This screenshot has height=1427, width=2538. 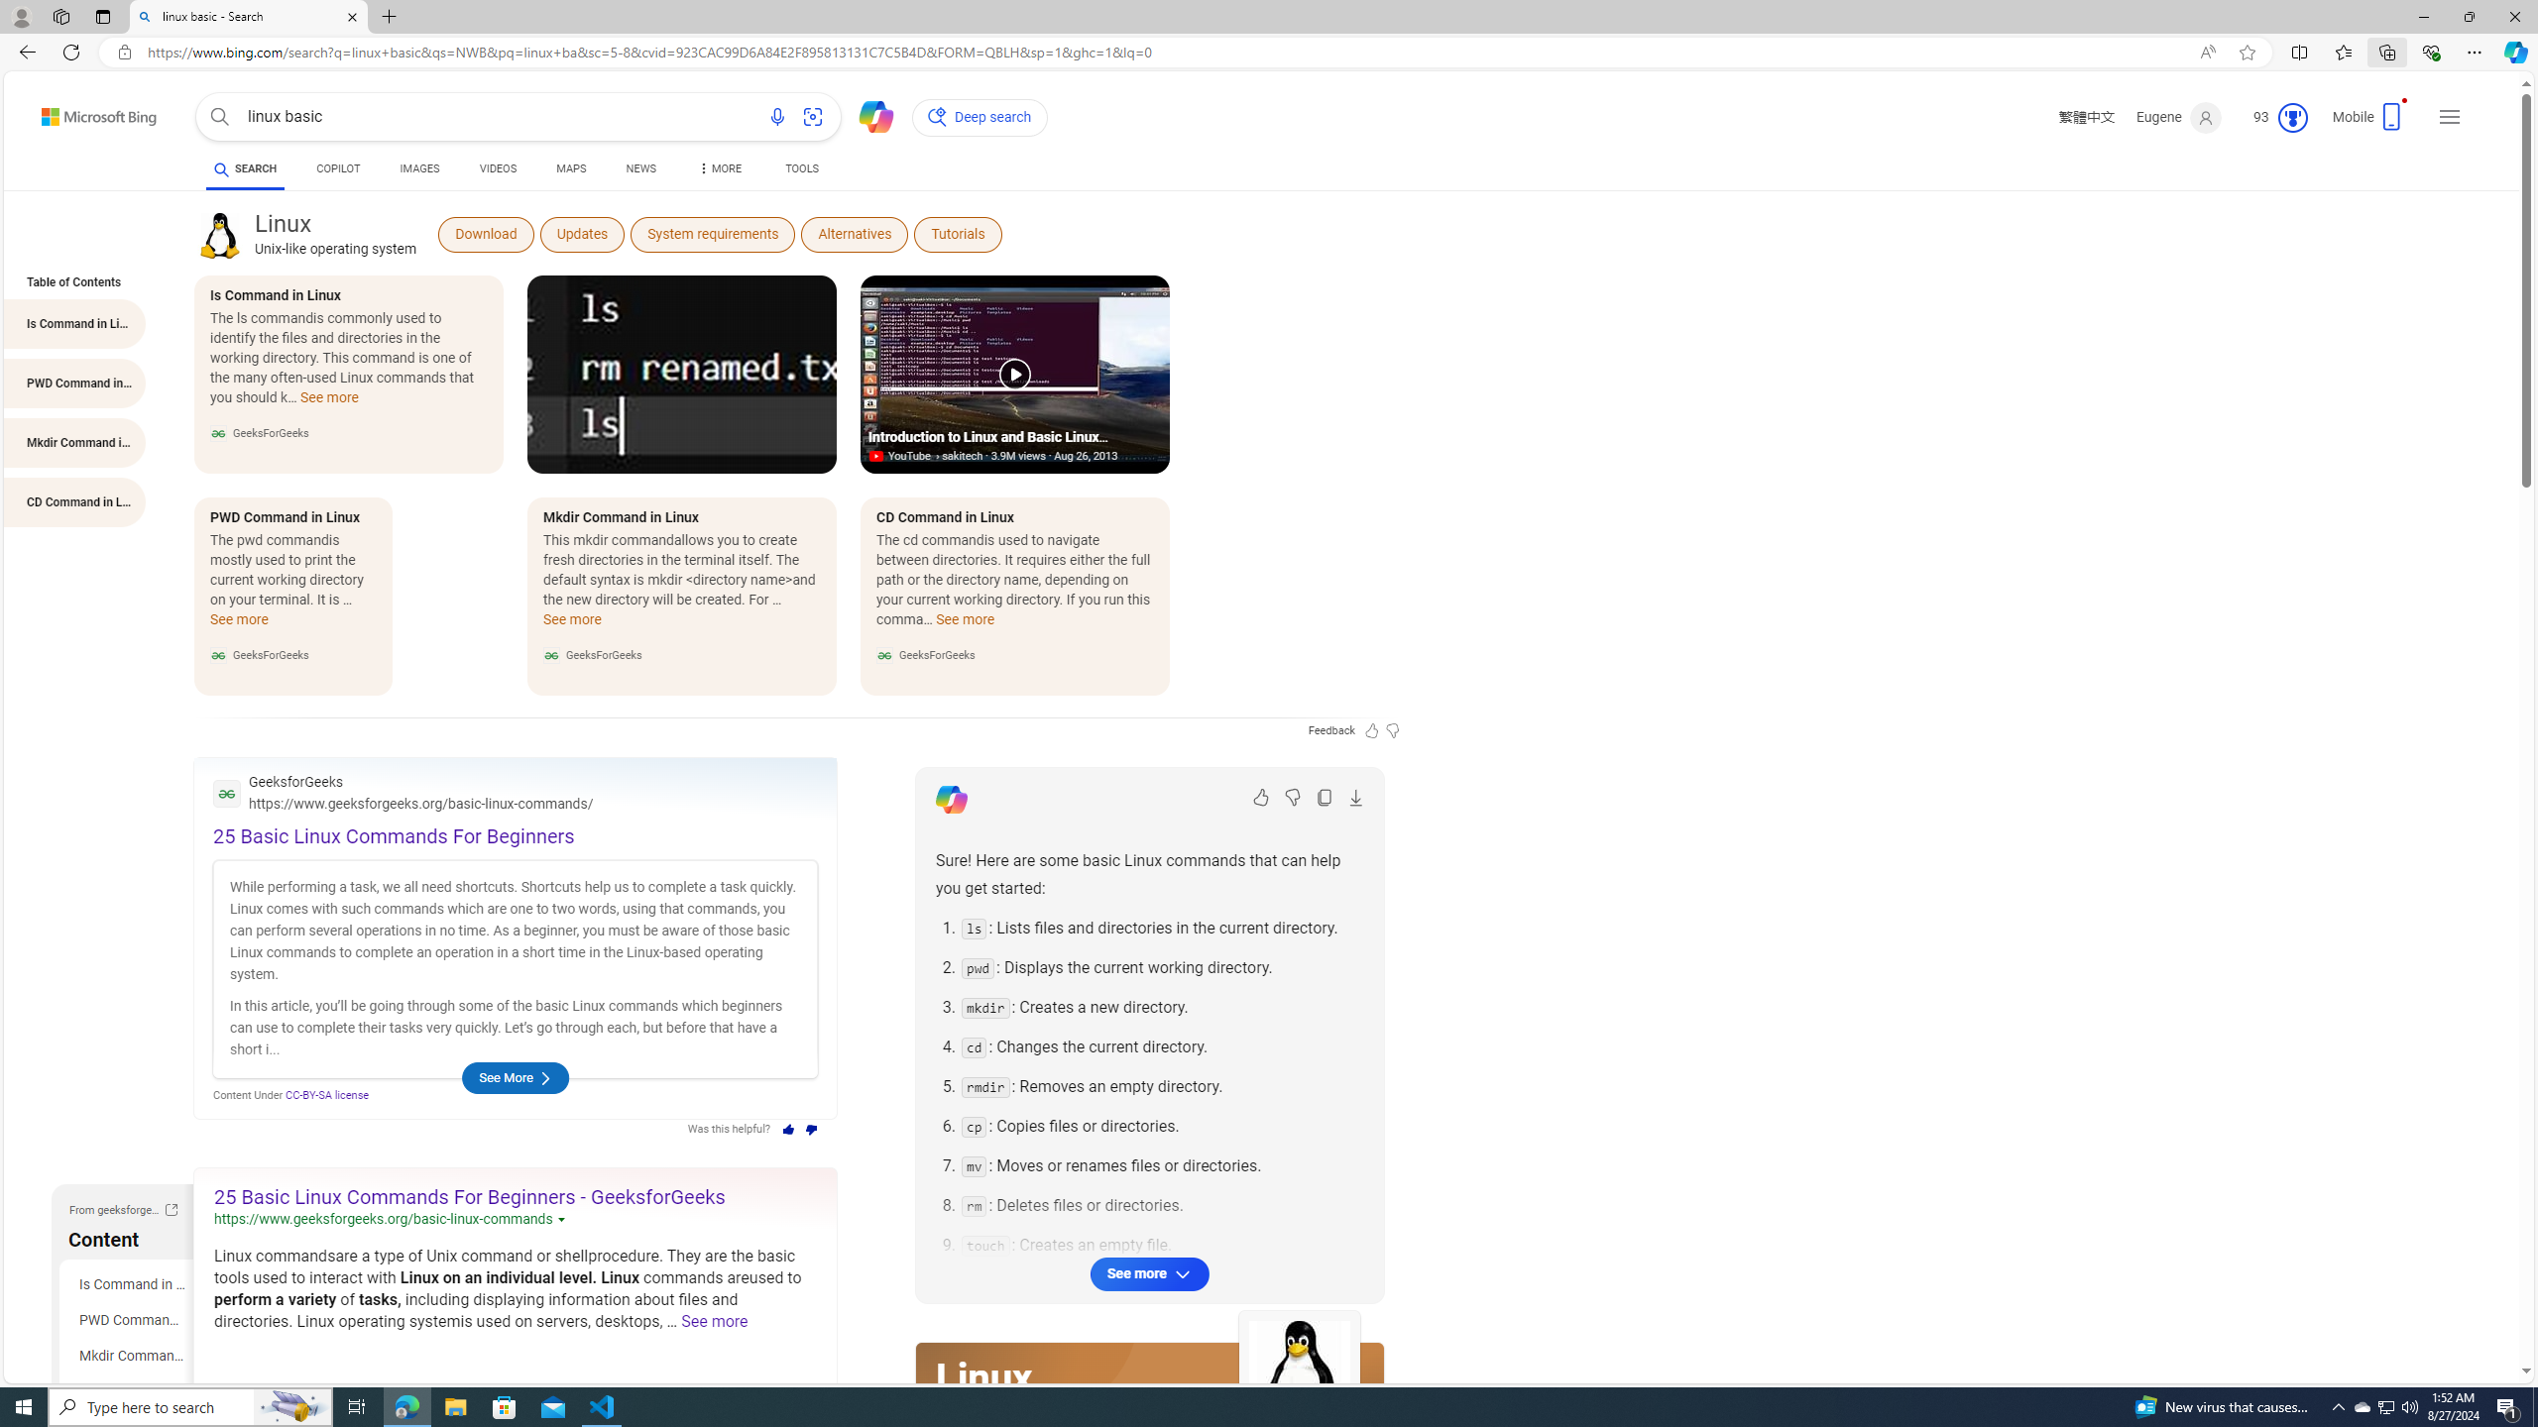 What do you see at coordinates (498, 170) in the screenshot?
I see `'AutomationID: b-scopeListItem-video'` at bounding box center [498, 170].